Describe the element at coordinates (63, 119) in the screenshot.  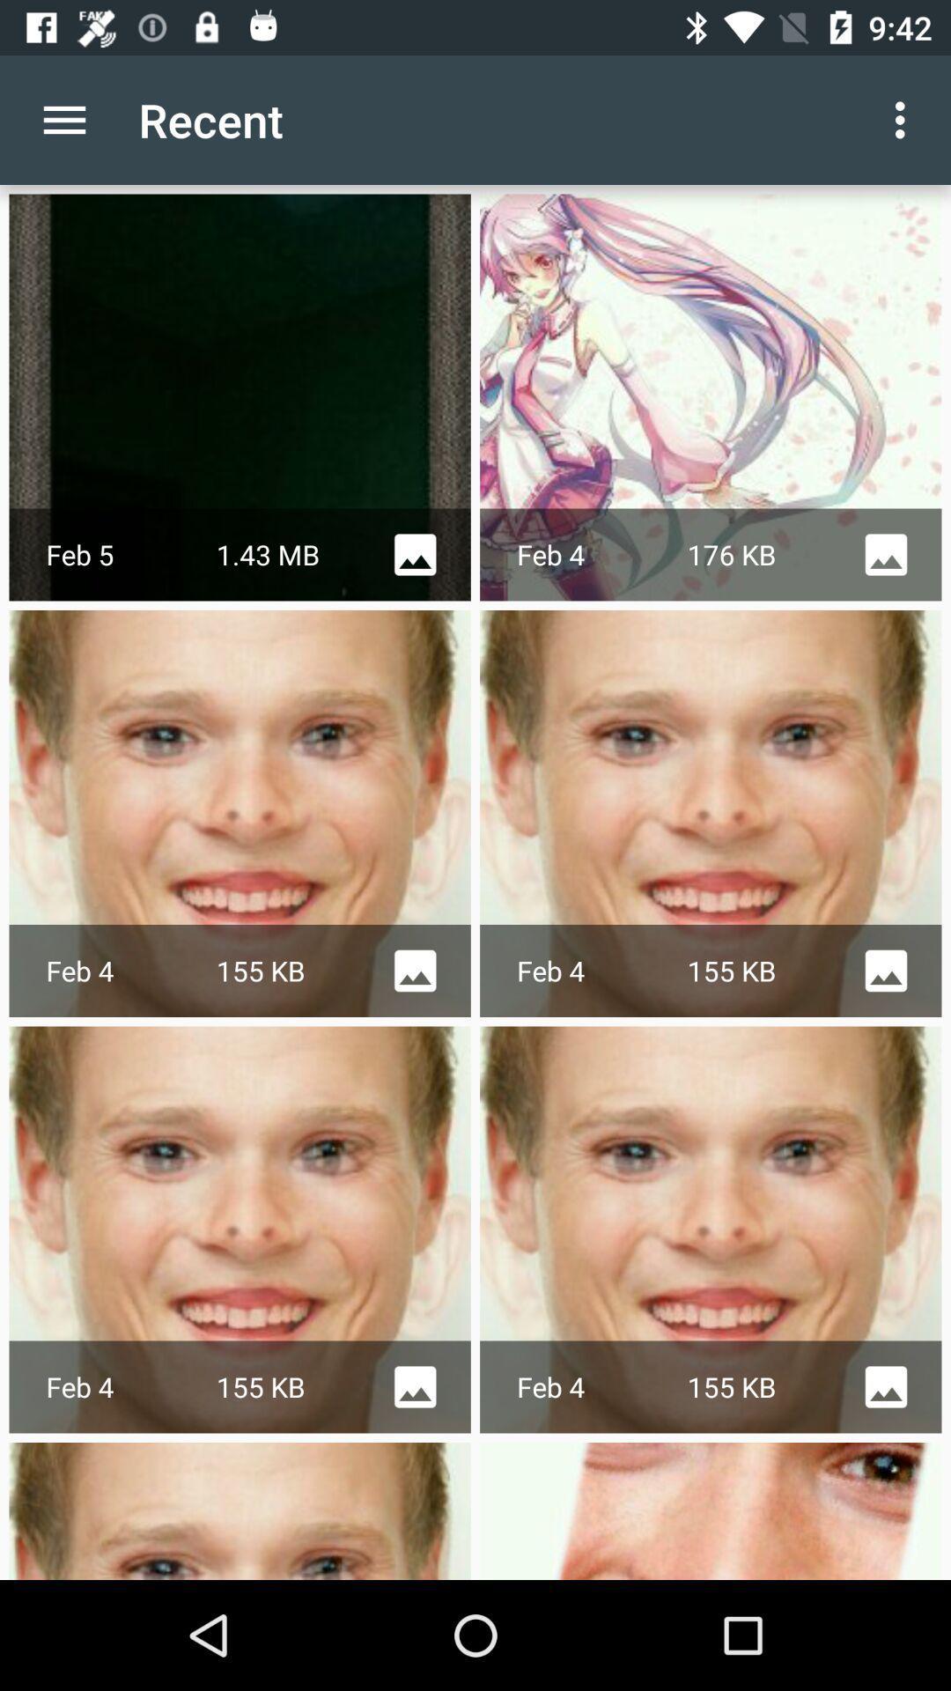
I see `the icon next to recent item` at that location.